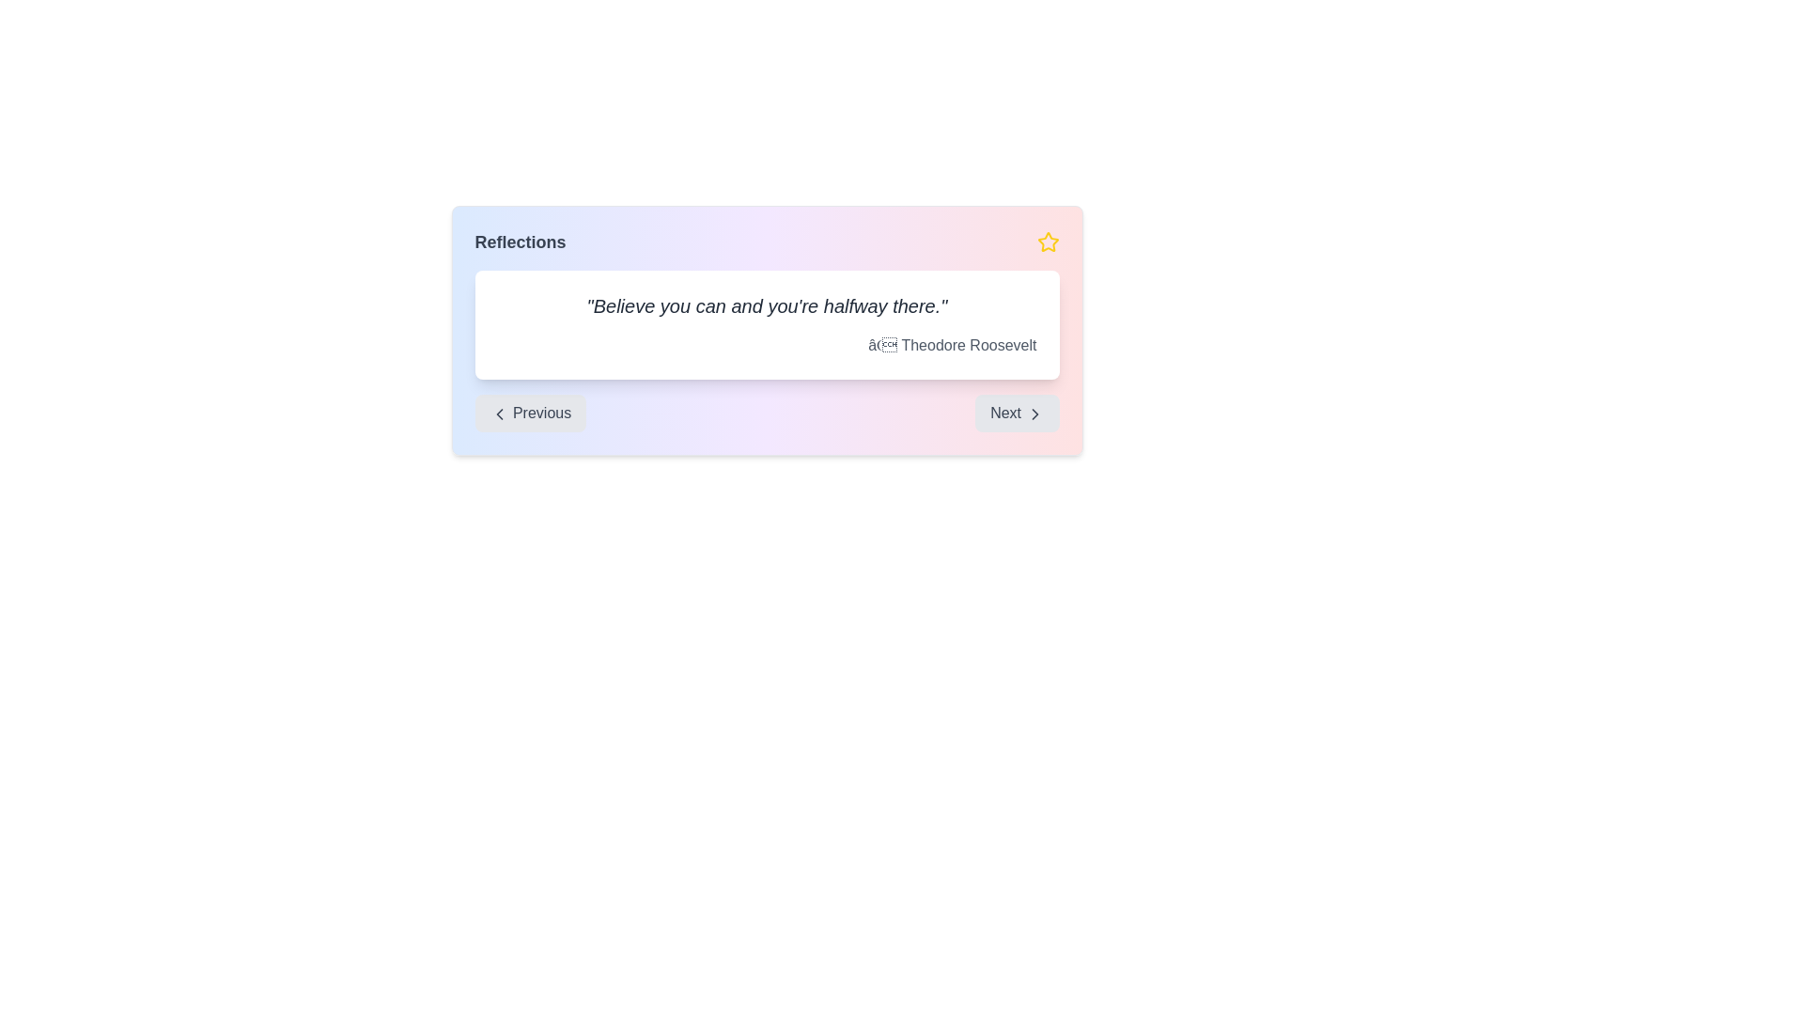 The width and height of the screenshot is (1804, 1015). Describe the element at coordinates (1034, 413) in the screenshot. I see `the right-pointing chevron or arrow icon located on the right edge of the 'Next' button area` at that location.